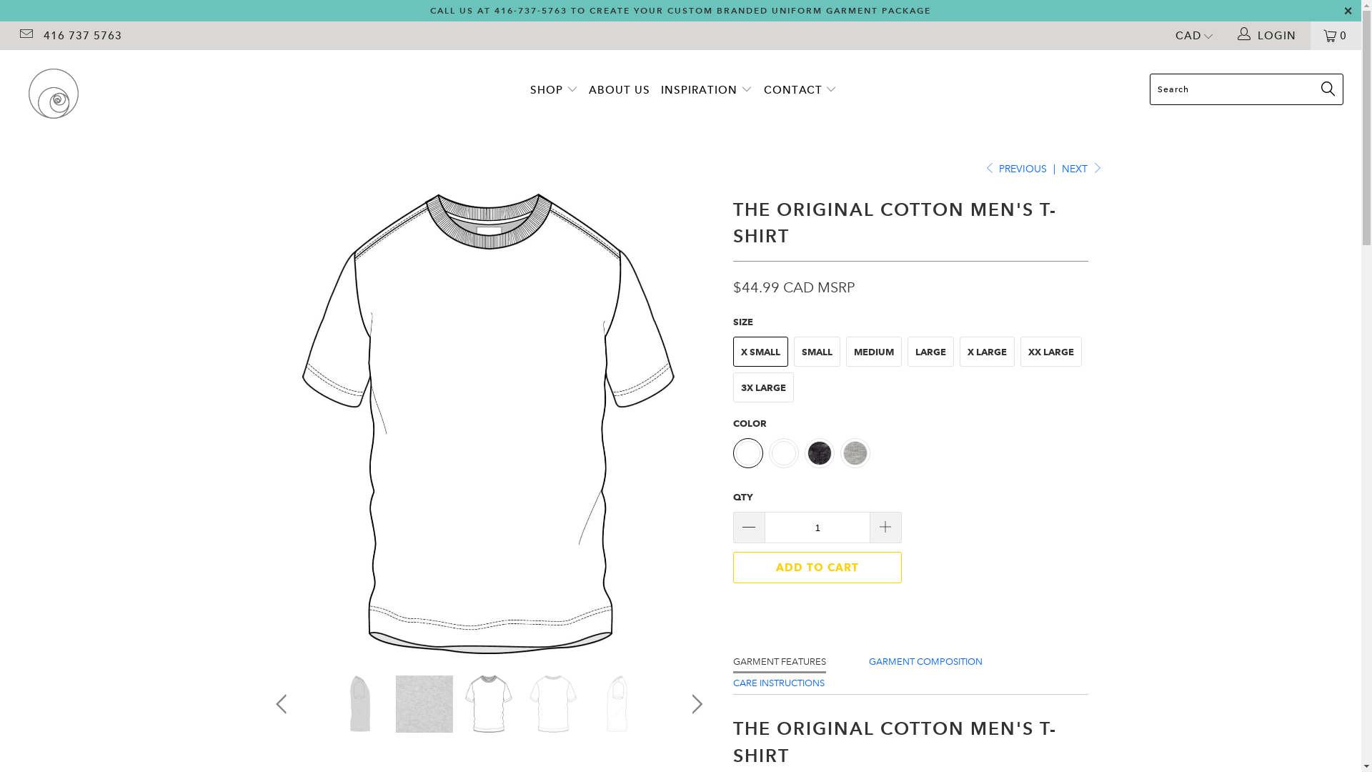 Image resolution: width=1372 pixels, height=772 pixels. Describe the element at coordinates (1081, 167) in the screenshot. I see `'NEXT'` at that location.